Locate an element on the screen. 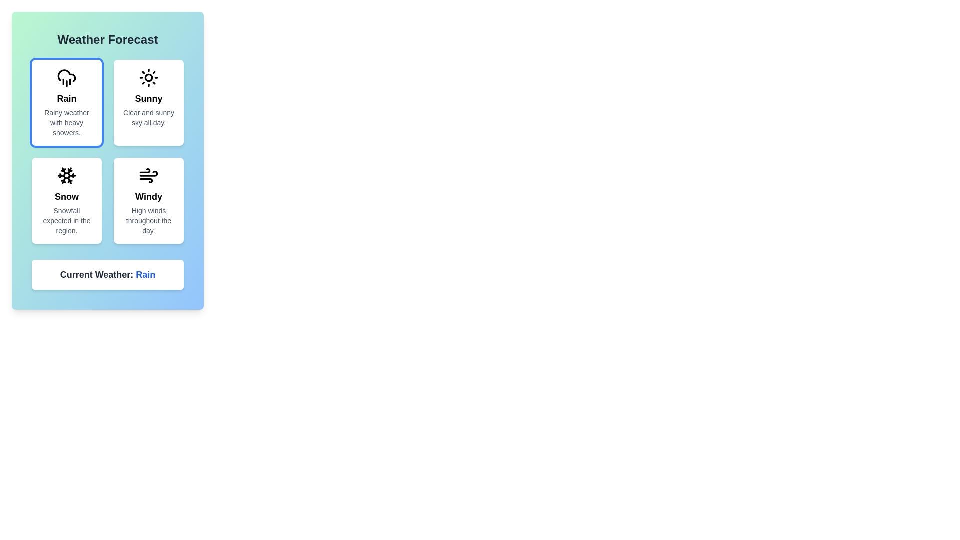 Image resolution: width=960 pixels, height=540 pixels. text label stating 'Rainy weather with heavy showers.' located below the title 'Rain' in the weather forecast card is located at coordinates (66, 122).